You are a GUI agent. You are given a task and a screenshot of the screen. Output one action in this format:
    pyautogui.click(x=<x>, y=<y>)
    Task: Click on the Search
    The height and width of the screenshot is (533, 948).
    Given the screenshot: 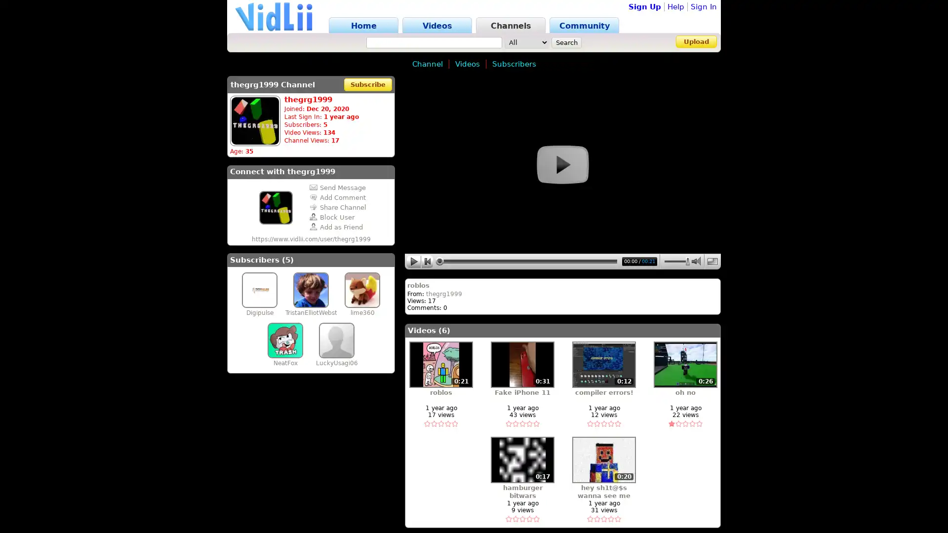 What is the action you would take?
    pyautogui.click(x=566, y=41)
    